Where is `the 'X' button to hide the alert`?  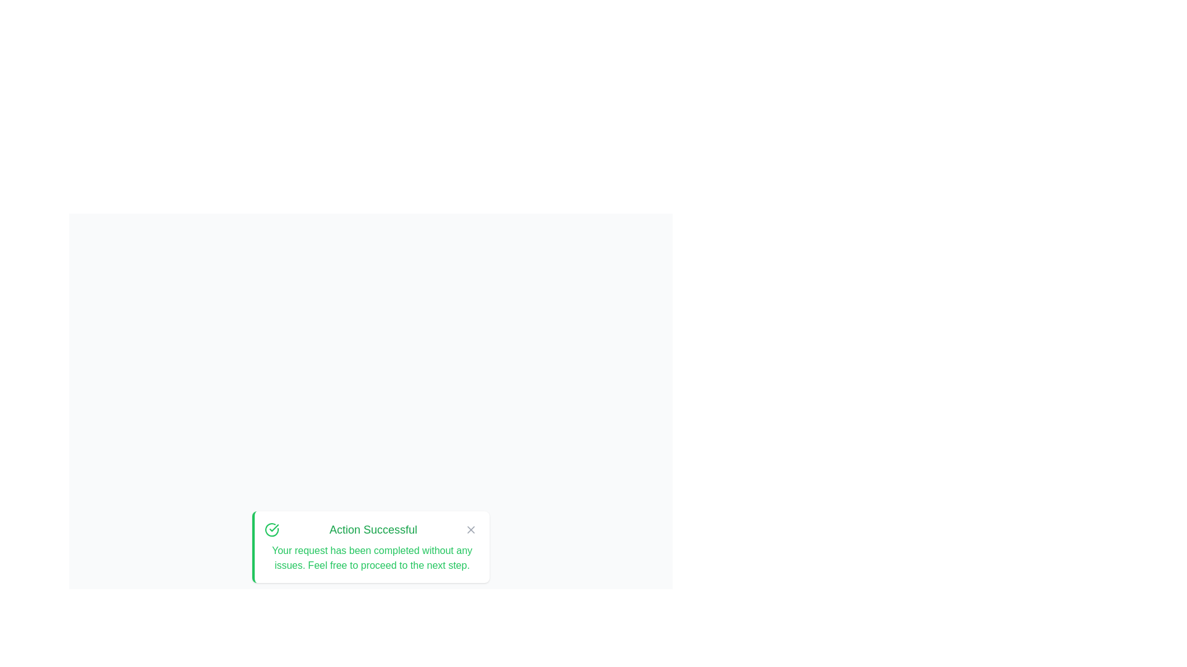
the 'X' button to hide the alert is located at coordinates (470, 529).